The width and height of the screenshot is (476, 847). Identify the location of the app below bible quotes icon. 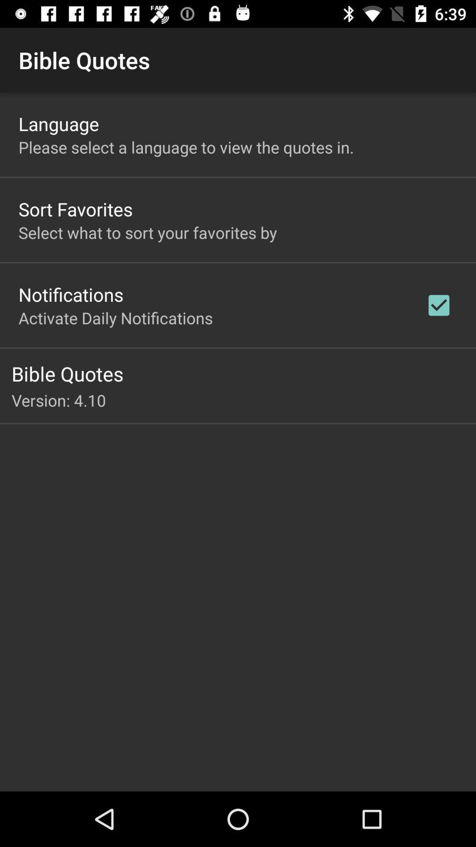
(244, 400).